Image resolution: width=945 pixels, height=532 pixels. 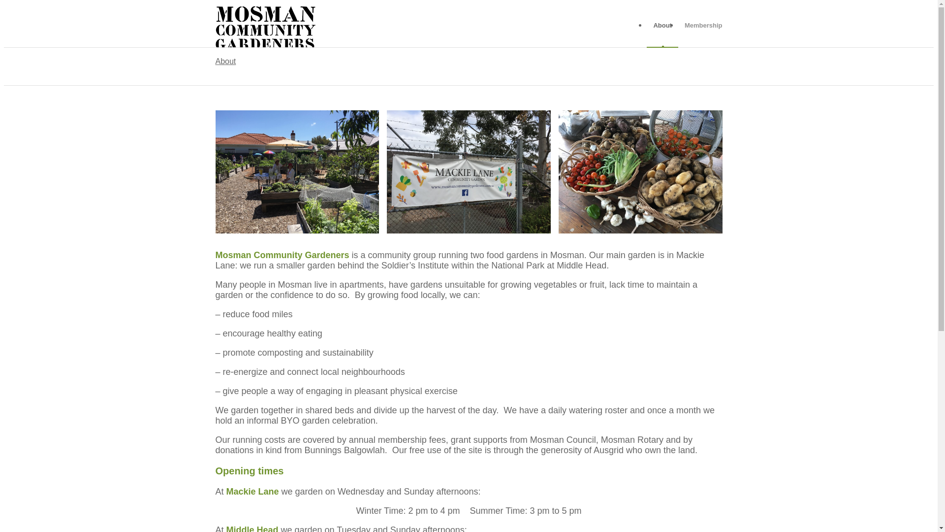 What do you see at coordinates (215, 61) in the screenshot?
I see `'About'` at bounding box center [215, 61].